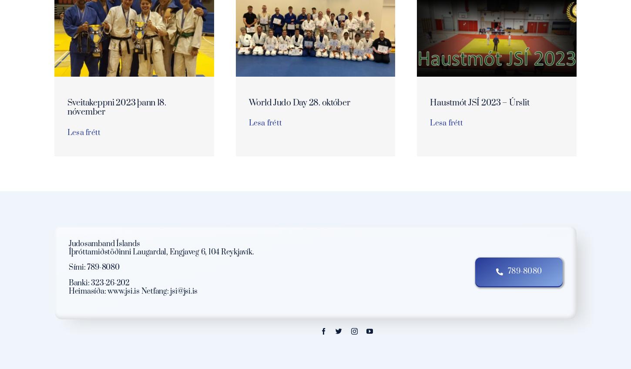  I want to click on 'Haustmót JSÍ 2023 – Úrslit', so click(479, 102).